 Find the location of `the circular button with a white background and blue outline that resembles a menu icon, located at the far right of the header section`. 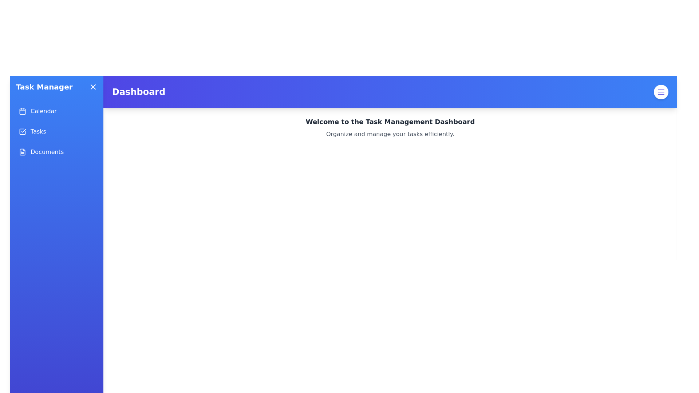

the circular button with a white background and blue outline that resembles a menu icon, located at the far right of the header section is located at coordinates (661, 92).